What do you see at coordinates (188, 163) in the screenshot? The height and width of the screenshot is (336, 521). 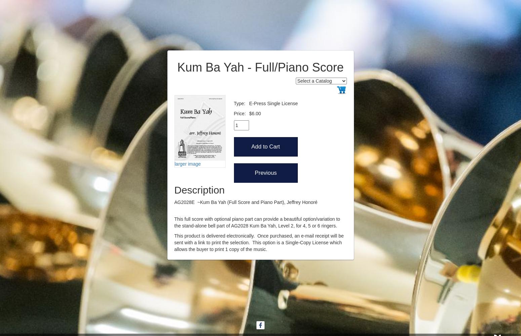 I see `'larger image'` at bounding box center [188, 163].